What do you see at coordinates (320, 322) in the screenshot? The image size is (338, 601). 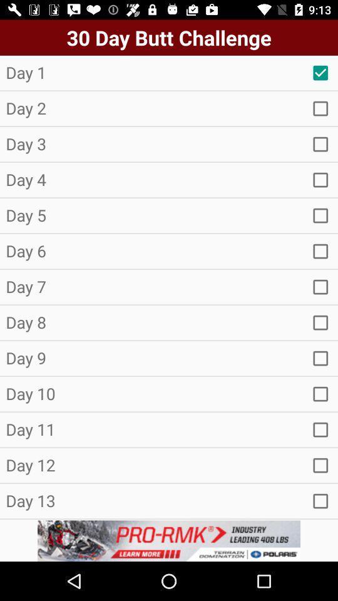 I see `day 8` at bounding box center [320, 322].